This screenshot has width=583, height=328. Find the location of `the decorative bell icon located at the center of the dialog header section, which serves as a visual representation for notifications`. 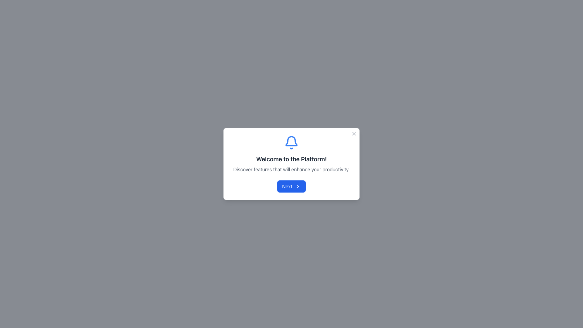

the decorative bell icon located at the center of the dialog header section, which serves as a visual representation for notifications is located at coordinates (291, 143).